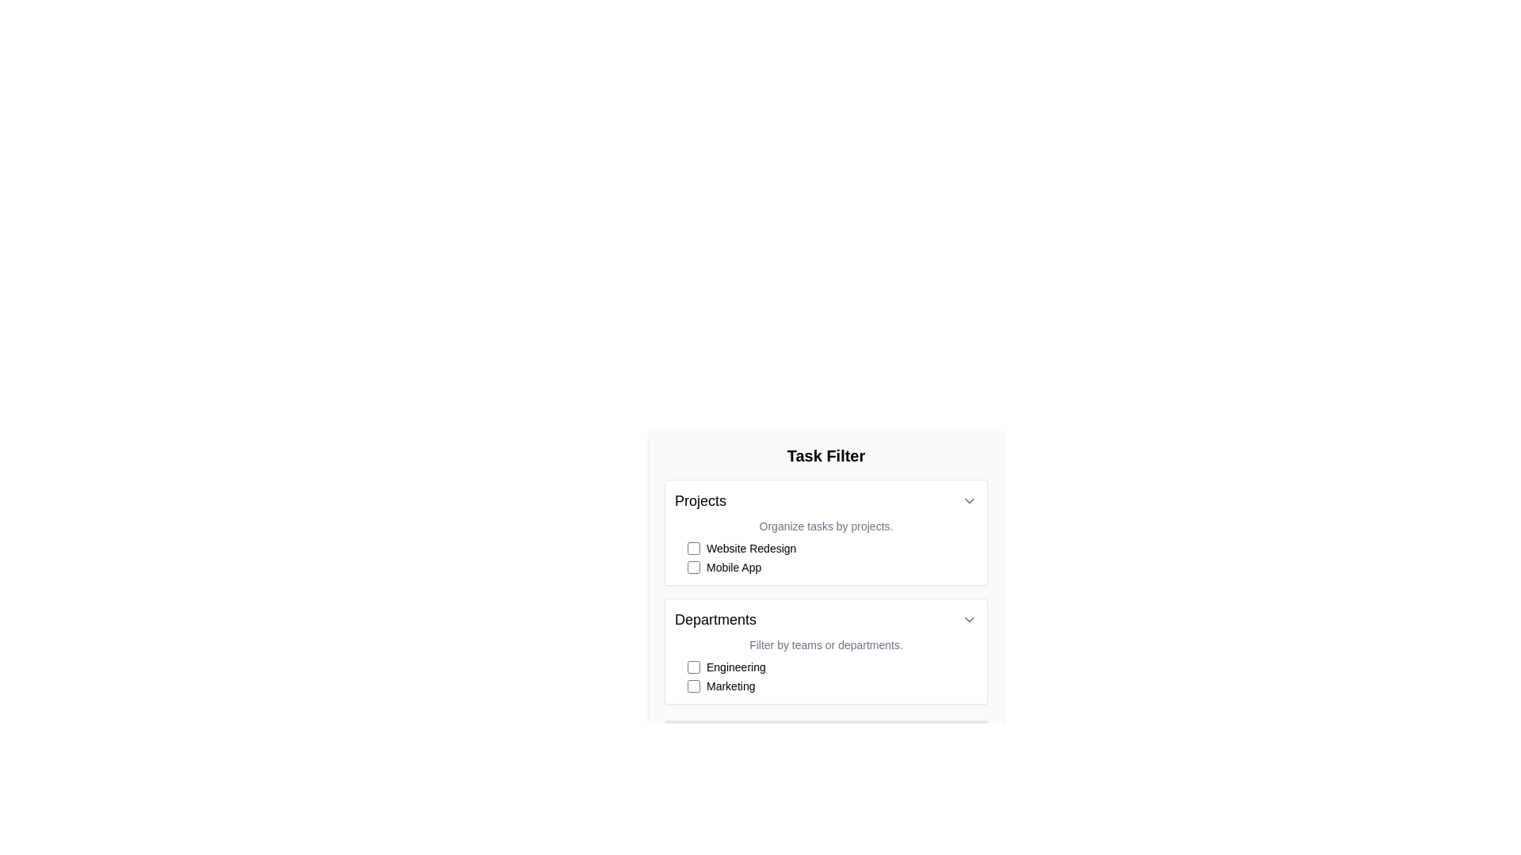 The width and height of the screenshot is (1521, 855). What do you see at coordinates (969, 500) in the screenshot?
I see `the downward-facing chevron icon located` at bounding box center [969, 500].